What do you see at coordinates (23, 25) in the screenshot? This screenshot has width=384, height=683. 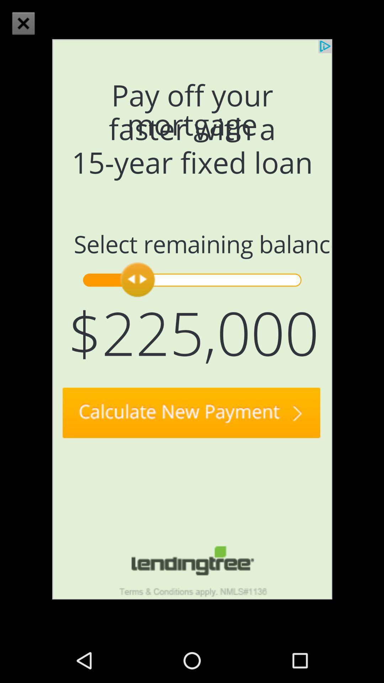 I see `the close icon` at bounding box center [23, 25].